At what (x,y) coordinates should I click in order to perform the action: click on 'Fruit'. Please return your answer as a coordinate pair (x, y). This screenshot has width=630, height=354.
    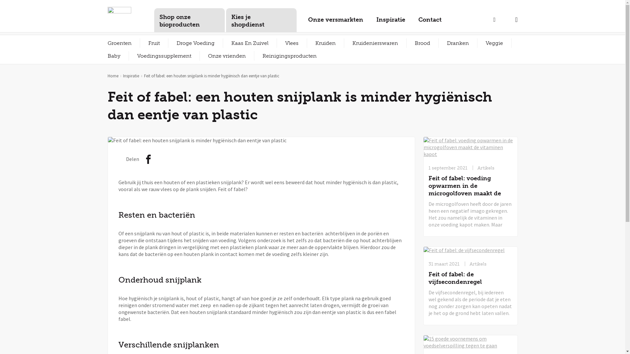
    Looking at the image, I should click on (153, 43).